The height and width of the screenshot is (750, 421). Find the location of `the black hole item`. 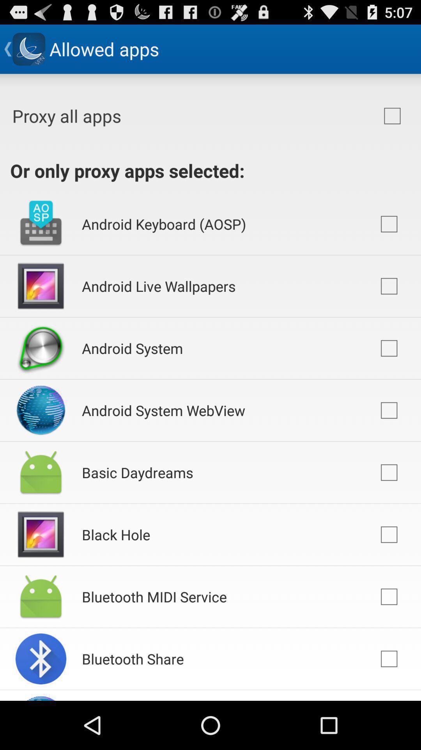

the black hole item is located at coordinates (116, 534).